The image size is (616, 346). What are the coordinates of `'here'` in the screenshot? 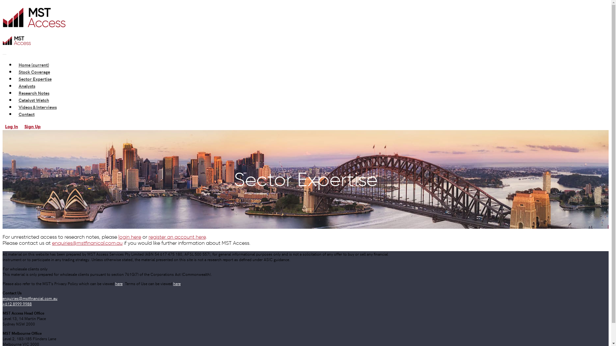 It's located at (119, 283).